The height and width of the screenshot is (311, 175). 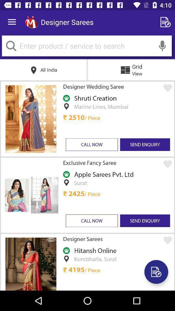 I want to click on the description icon, so click(x=156, y=272).